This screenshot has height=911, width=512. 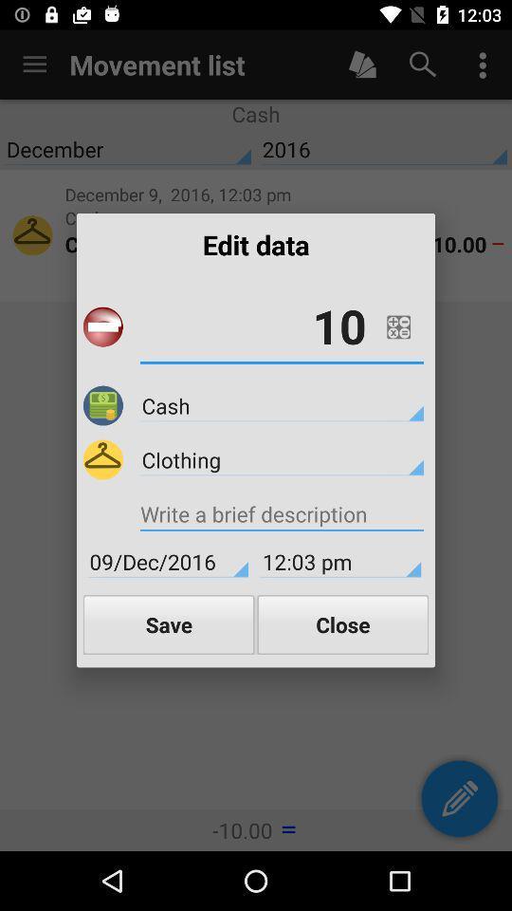 What do you see at coordinates (341, 623) in the screenshot?
I see `the icon next to save icon` at bounding box center [341, 623].